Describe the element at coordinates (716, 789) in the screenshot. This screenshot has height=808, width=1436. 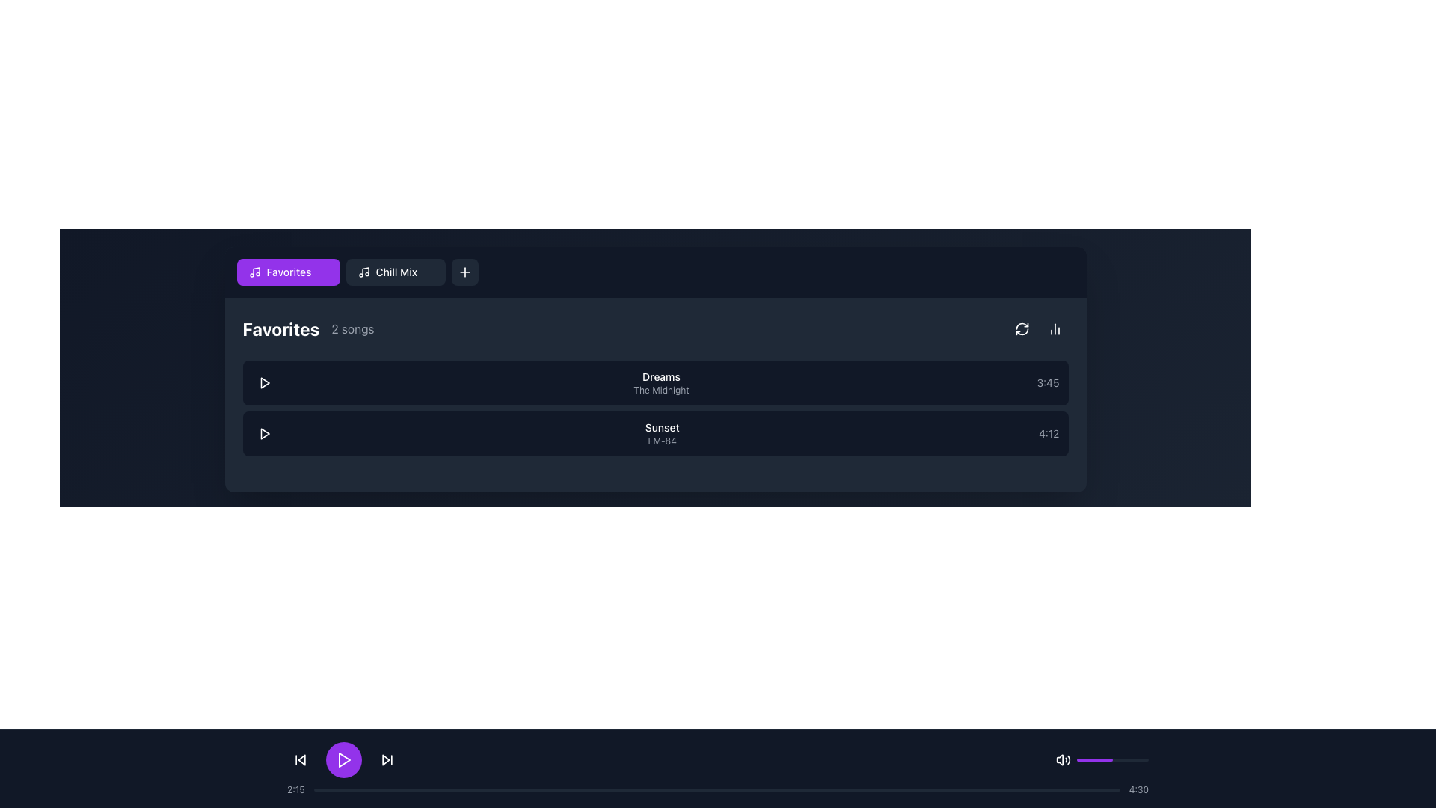
I see `the progress bar located at the bottom of the interface to move to a specific point` at that location.